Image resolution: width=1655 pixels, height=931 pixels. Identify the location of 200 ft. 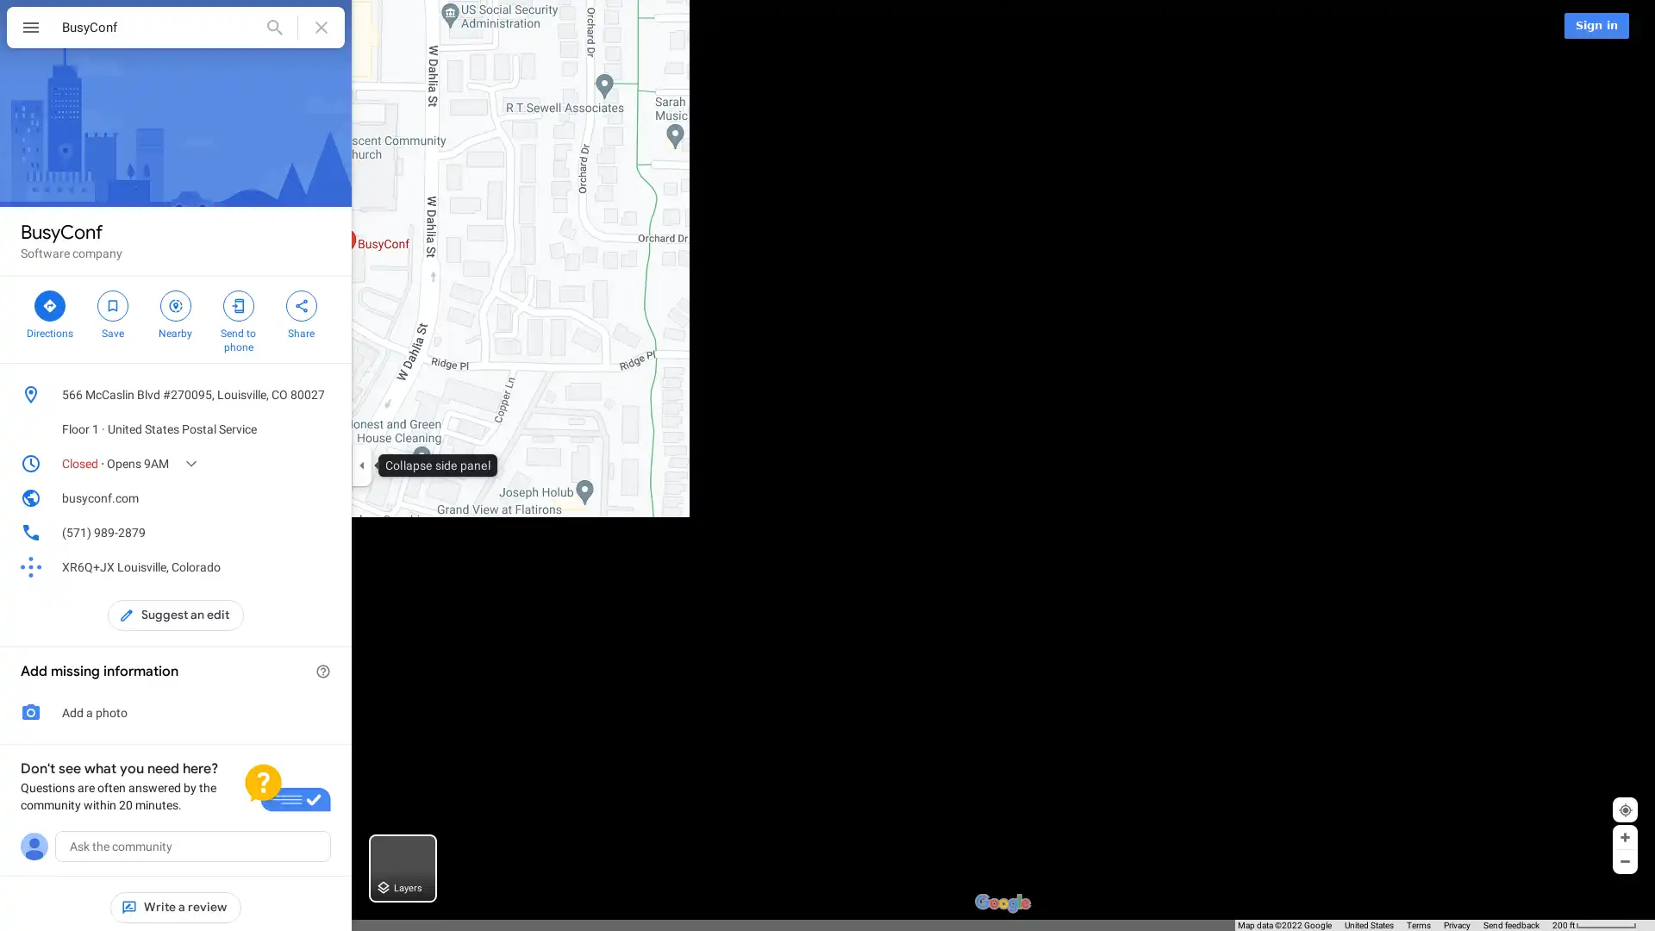
(1593, 924).